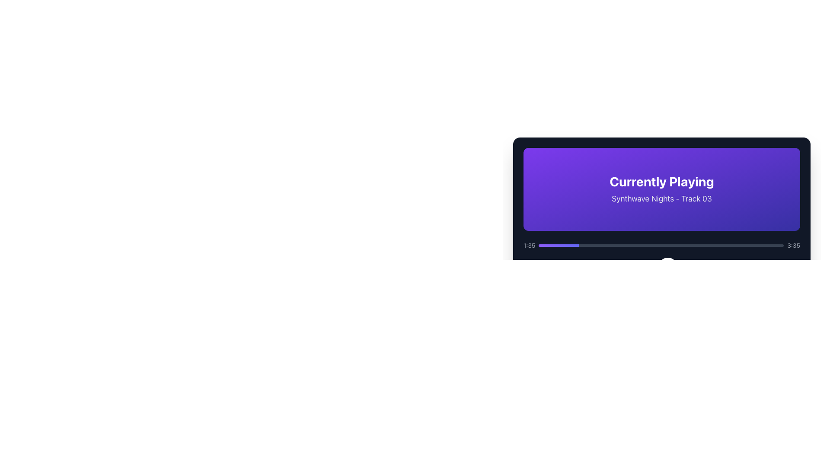 Image resolution: width=830 pixels, height=467 pixels. What do you see at coordinates (661, 259) in the screenshot?
I see `the progress bar located below the 'Currently Playing' section` at bounding box center [661, 259].